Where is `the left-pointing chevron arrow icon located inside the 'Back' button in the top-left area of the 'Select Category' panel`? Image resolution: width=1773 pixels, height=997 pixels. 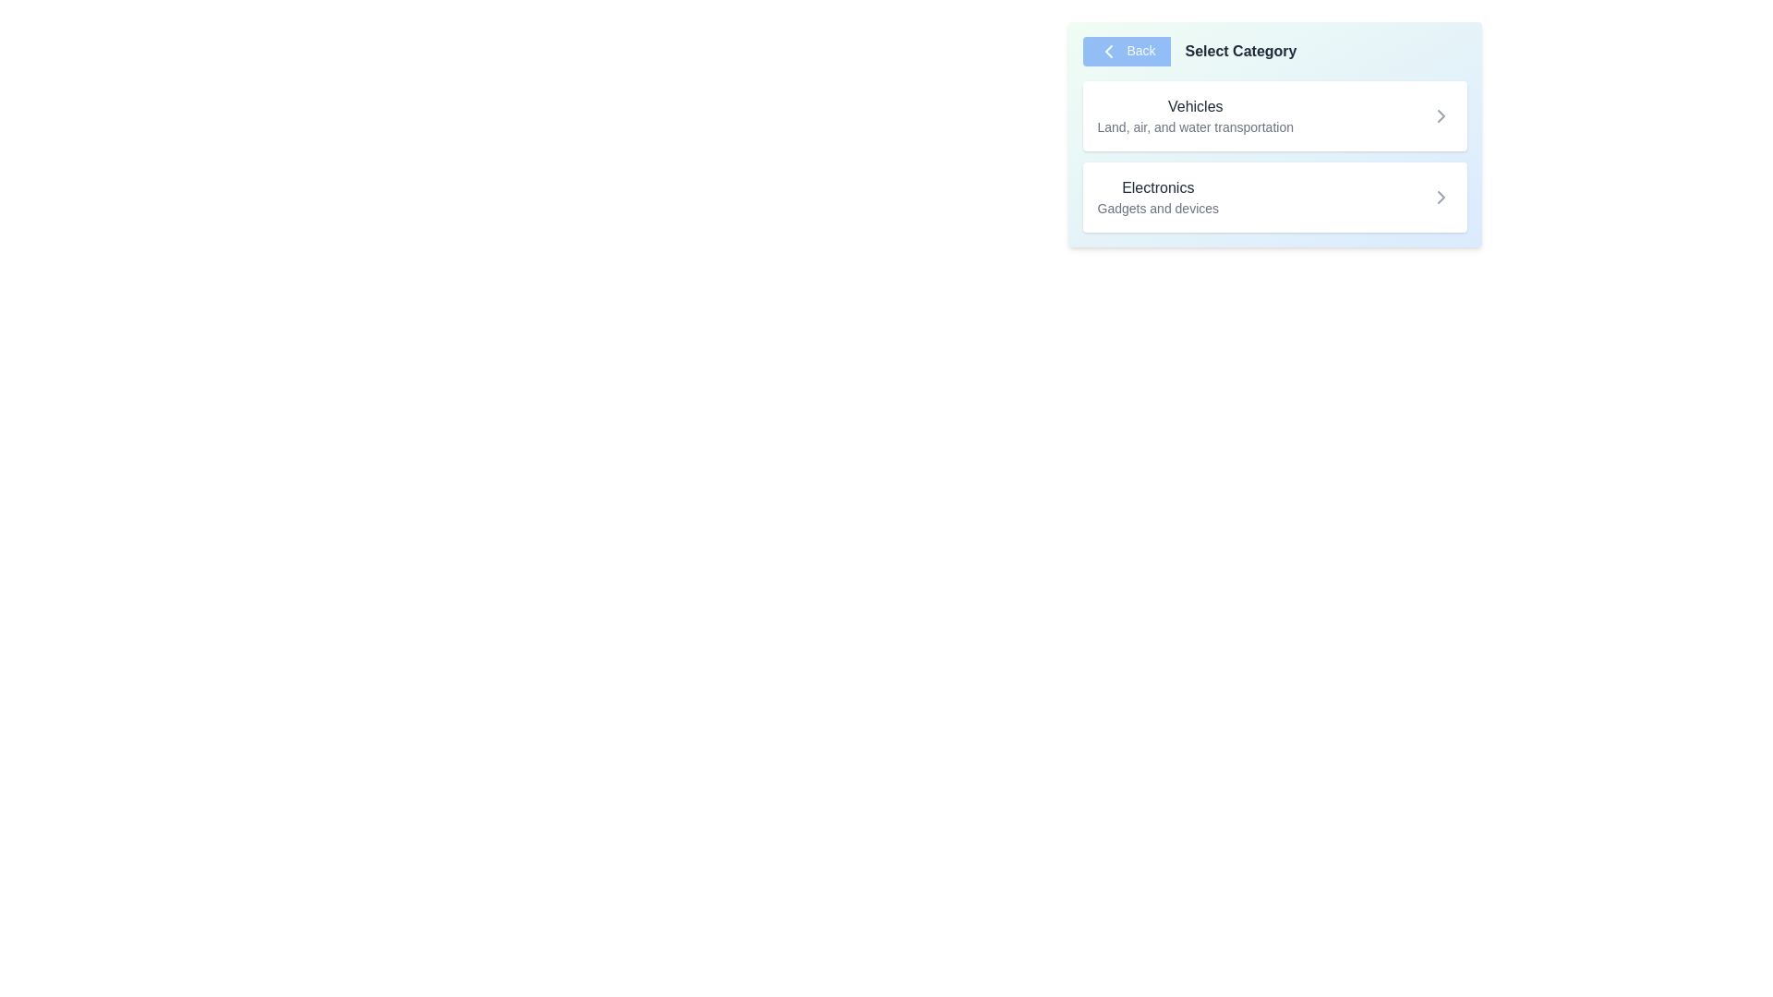 the left-pointing chevron arrow icon located inside the 'Back' button in the top-left area of the 'Select Category' panel is located at coordinates (1108, 51).